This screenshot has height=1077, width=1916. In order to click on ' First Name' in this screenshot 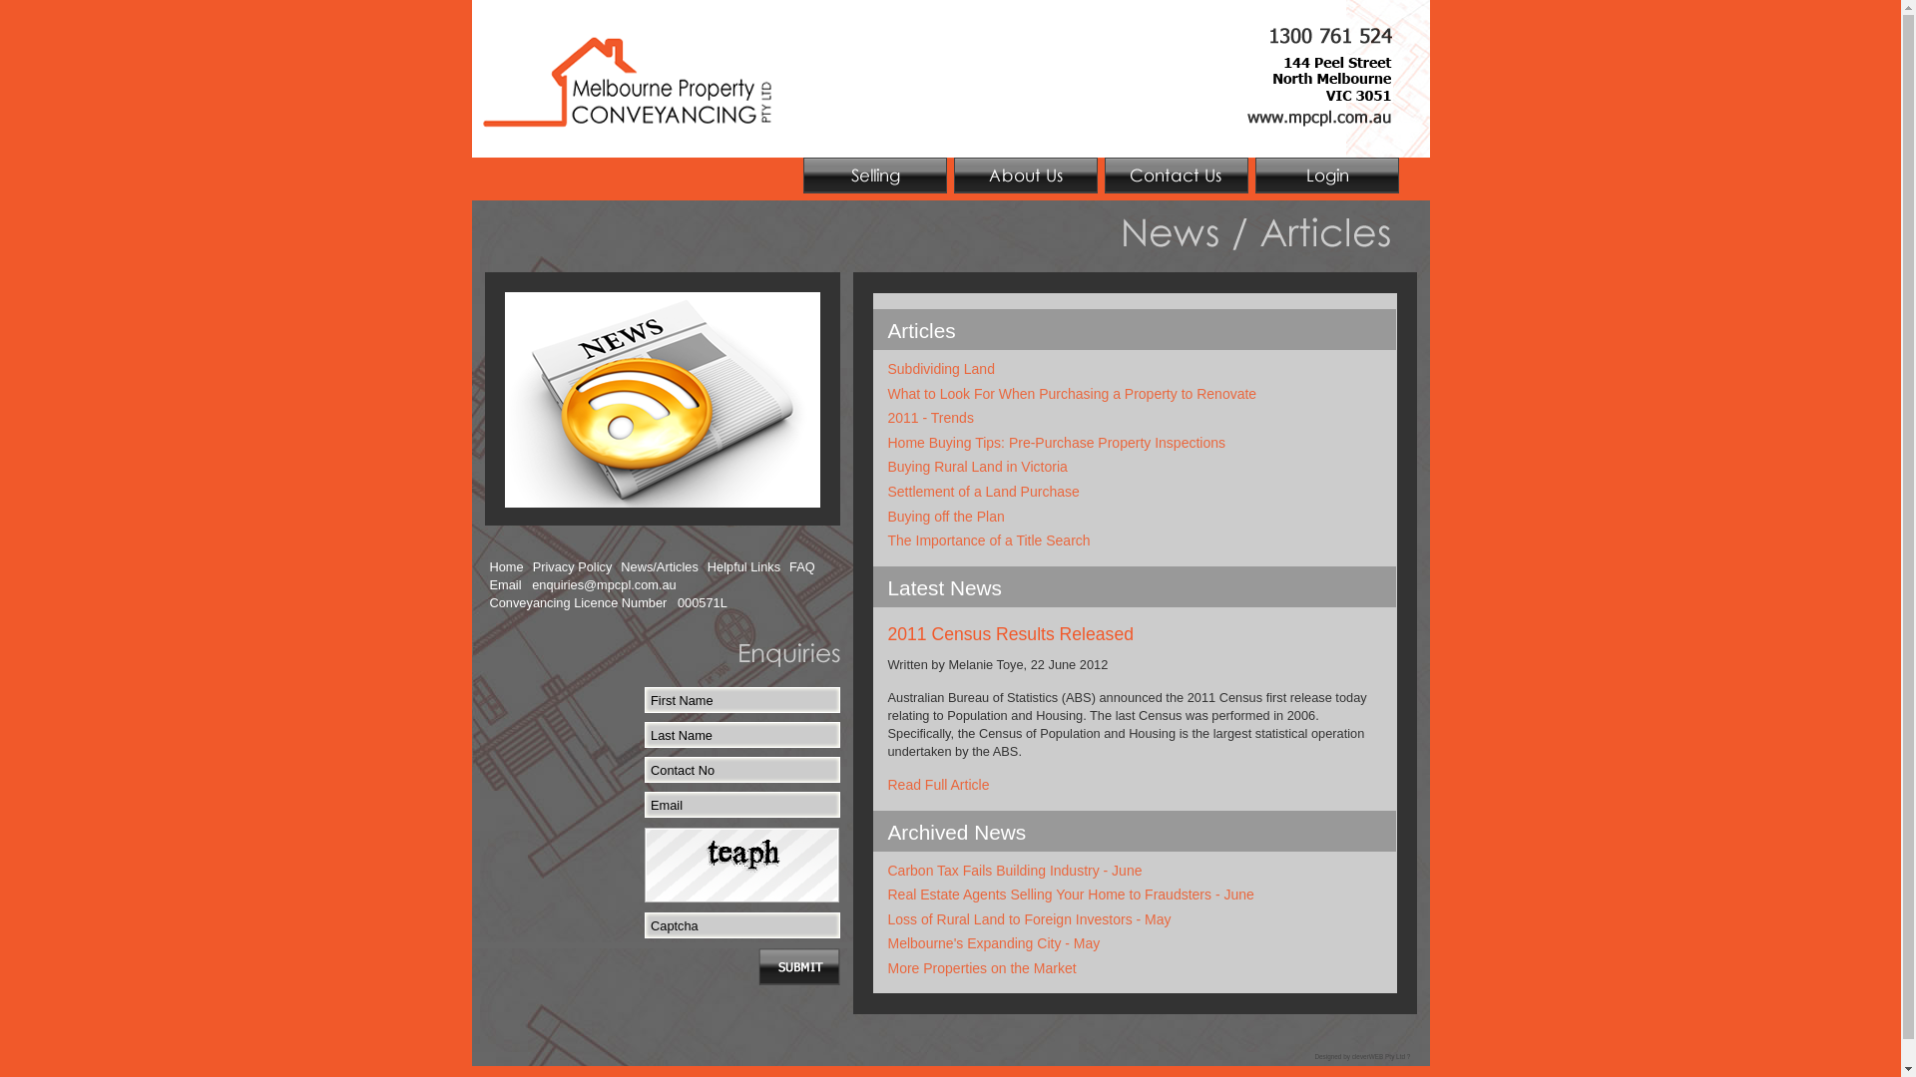, I will do `click(741, 699)`.